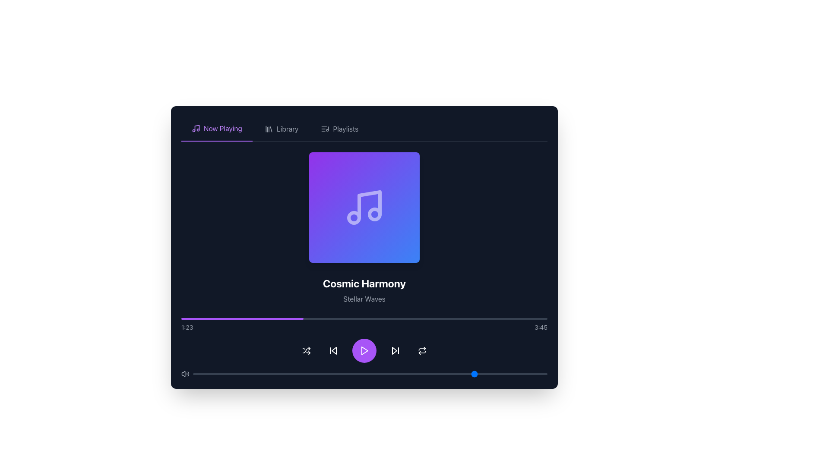  Describe the element at coordinates (364, 351) in the screenshot. I see `the centrally located Play button in the bottom control bar of the music player` at that location.